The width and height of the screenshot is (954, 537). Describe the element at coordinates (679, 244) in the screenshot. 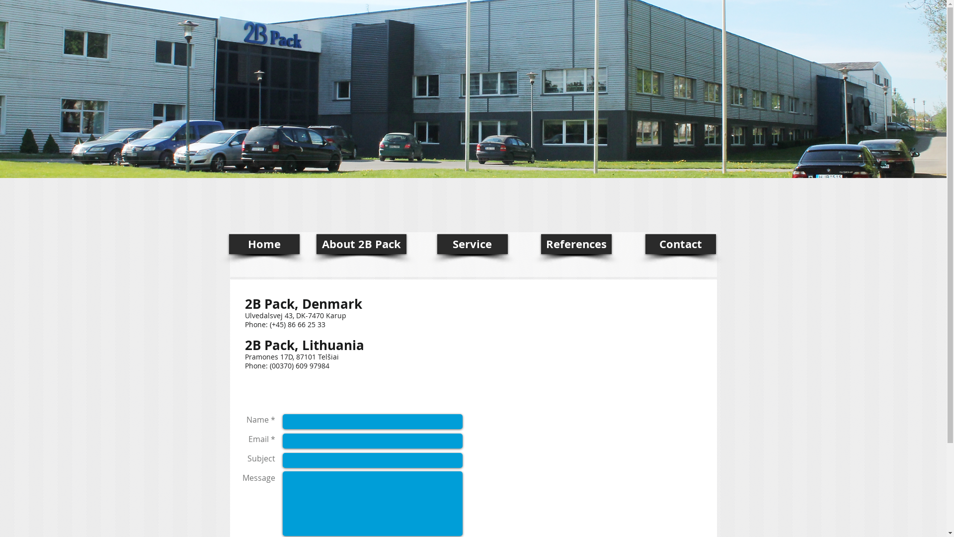

I see `'Contact'` at that location.